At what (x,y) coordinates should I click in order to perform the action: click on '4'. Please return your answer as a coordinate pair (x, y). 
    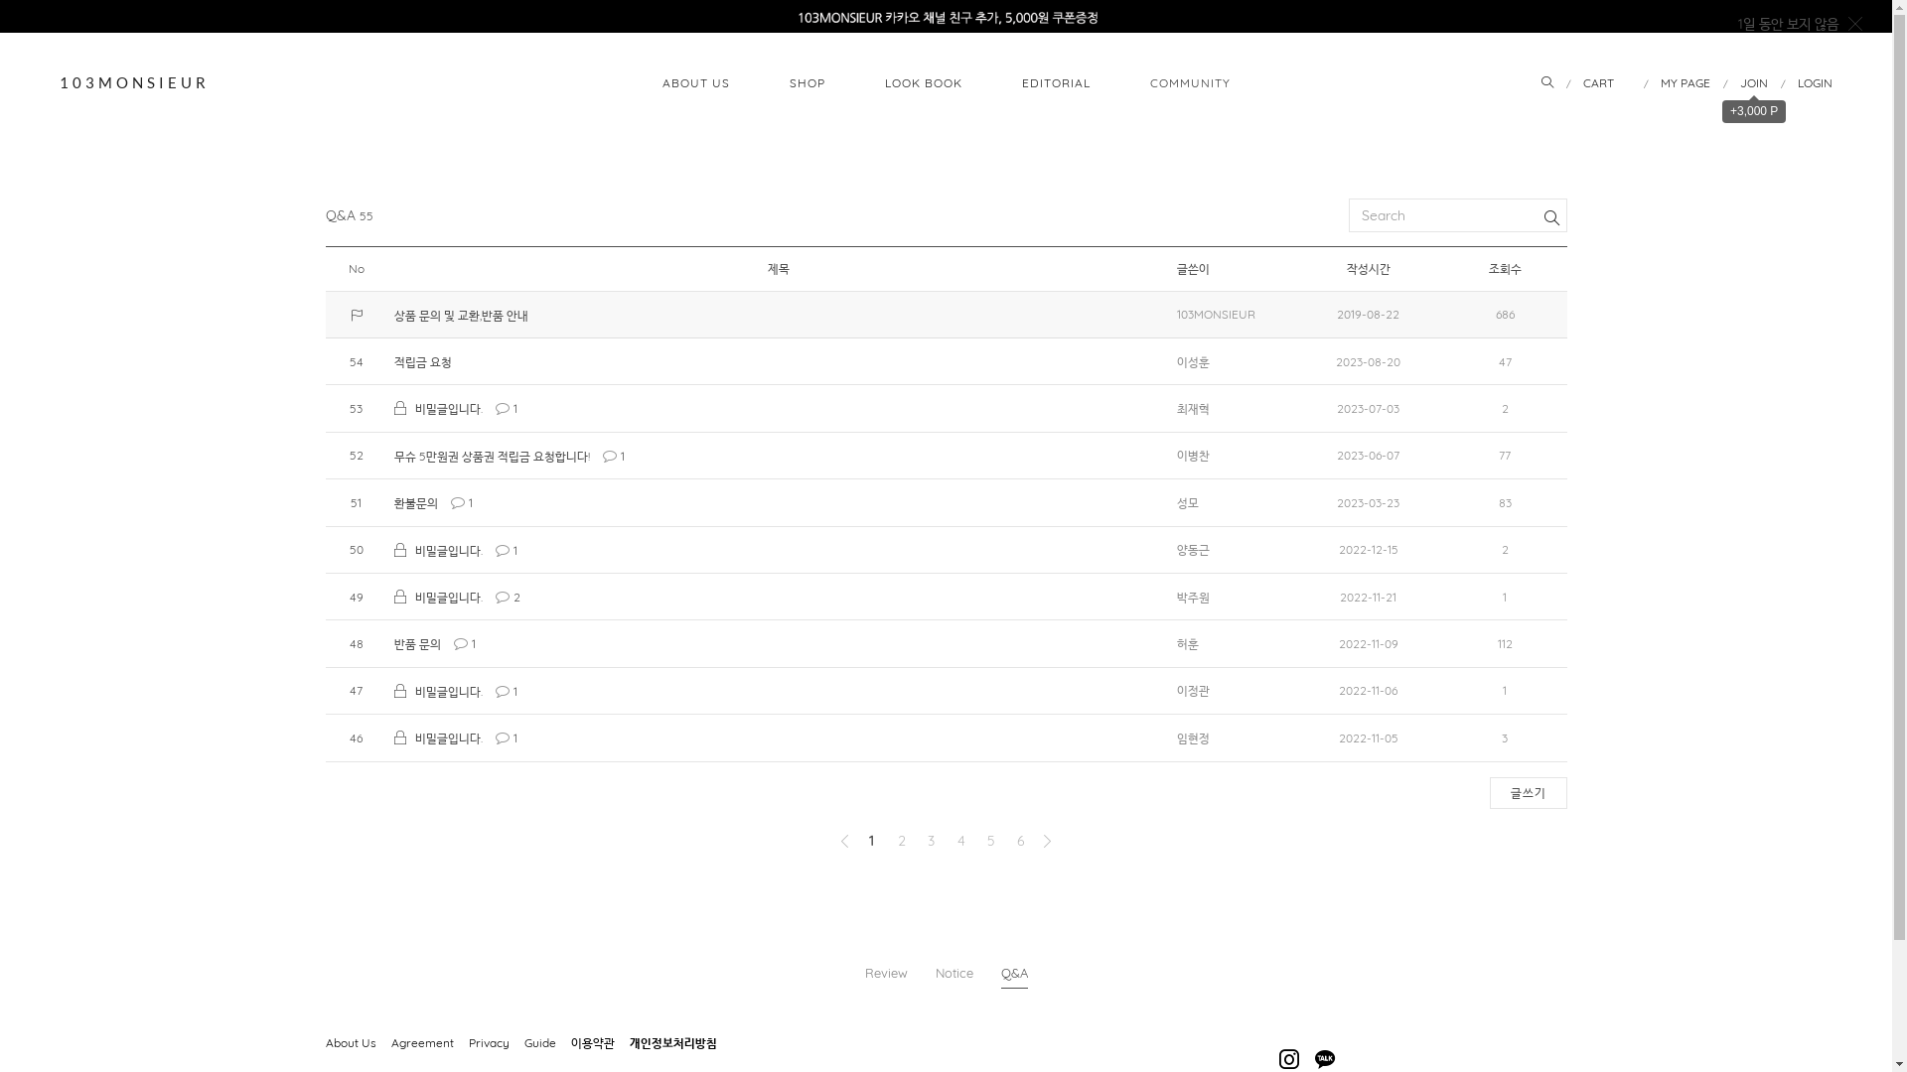
    Looking at the image, I should click on (961, 841).